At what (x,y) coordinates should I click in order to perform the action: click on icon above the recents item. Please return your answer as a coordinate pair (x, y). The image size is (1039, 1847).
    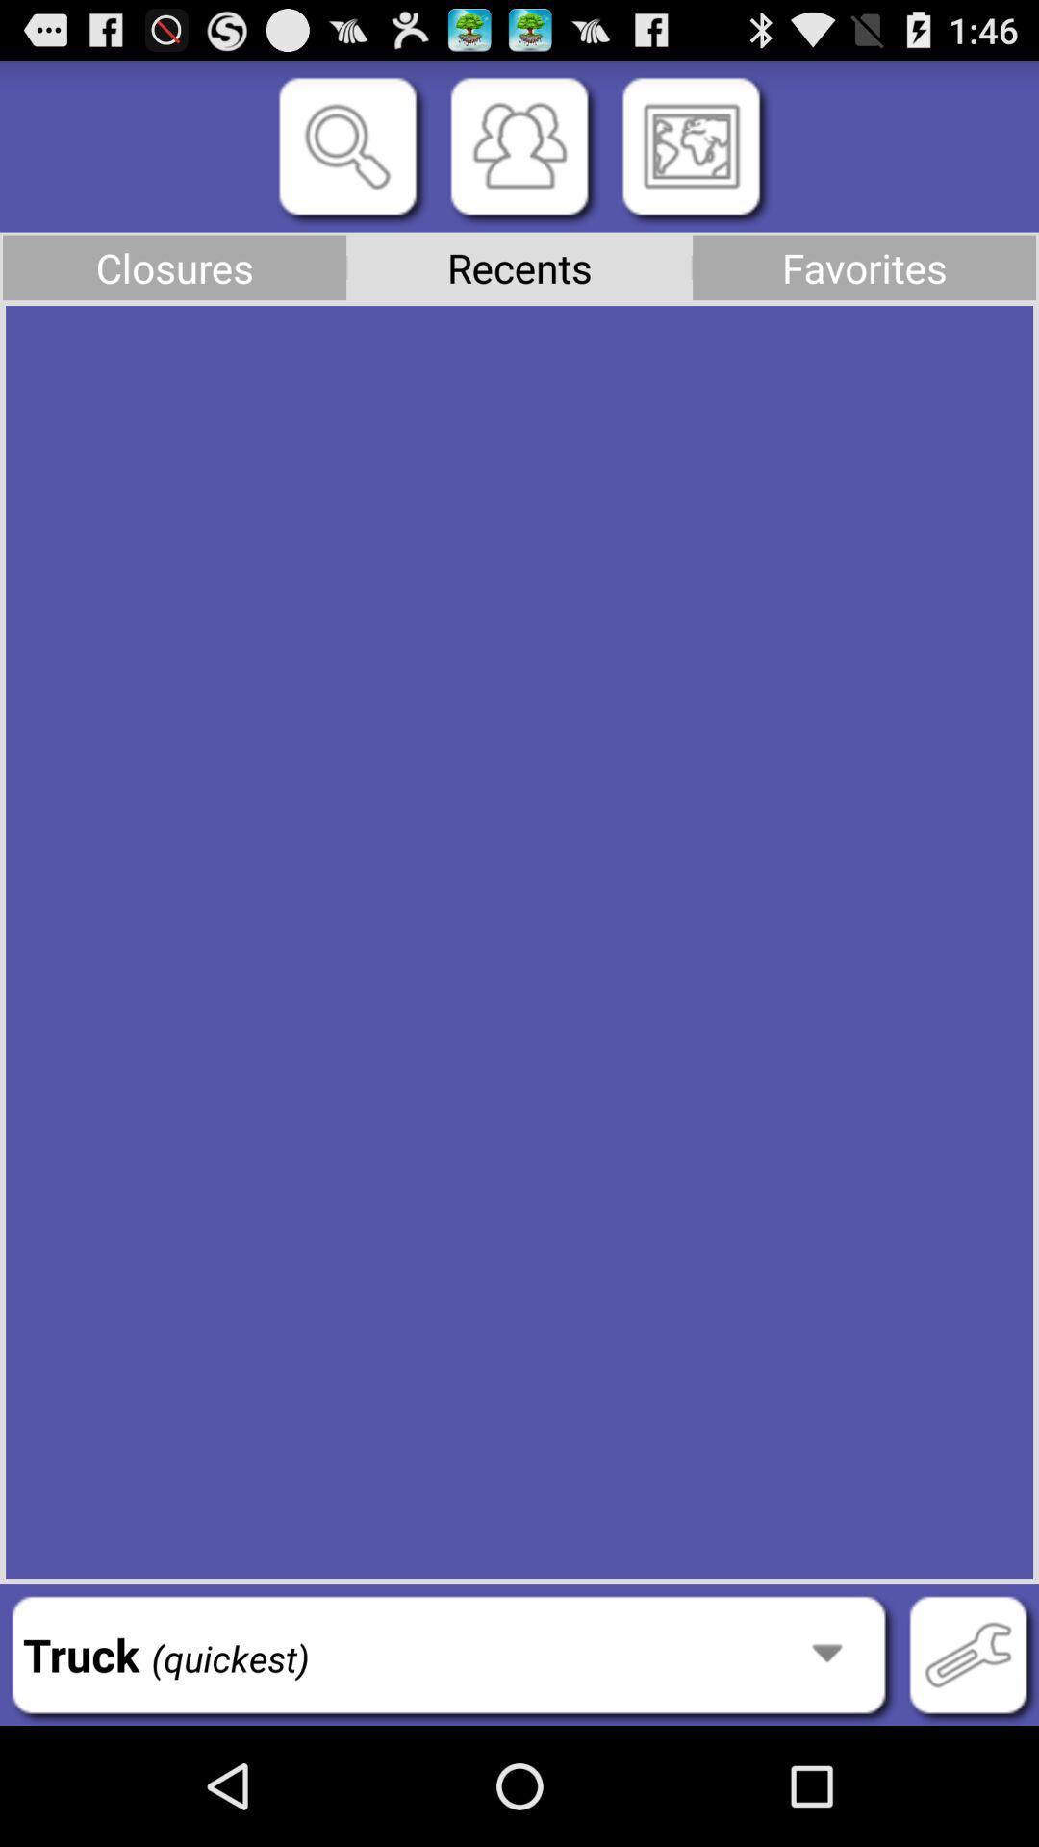
    Looking at the image, I should click on (519, 145).